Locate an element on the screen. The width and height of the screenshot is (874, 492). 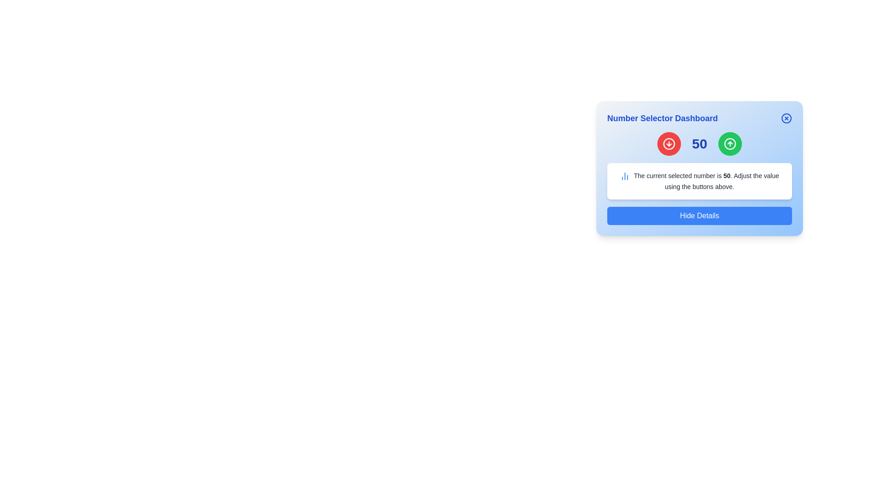
the circular graphic element with a blue outline located at the top-right corner of the 'Number Selector Dashboard' modal to initiate an action is located at coordinates (786, 118).